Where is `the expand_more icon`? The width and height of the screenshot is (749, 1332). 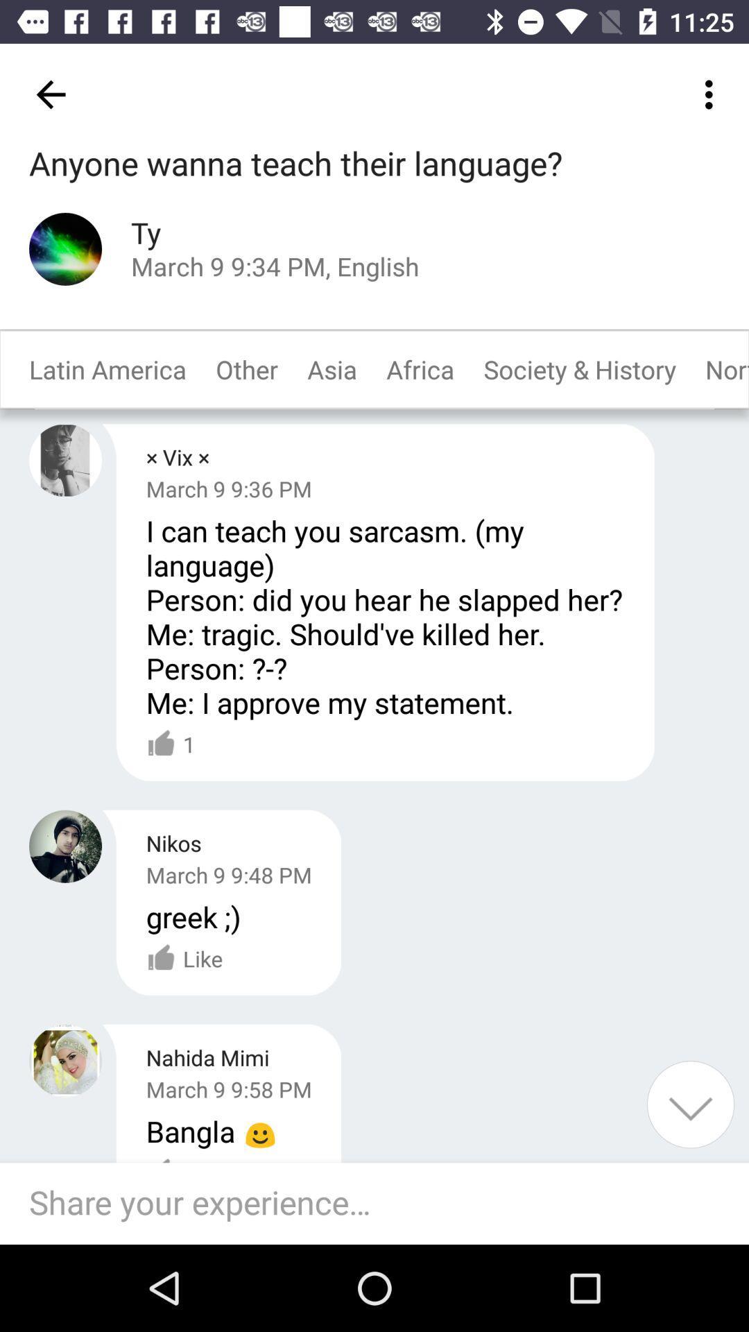 the expand_more icon is located at coordinates (690, 1104).